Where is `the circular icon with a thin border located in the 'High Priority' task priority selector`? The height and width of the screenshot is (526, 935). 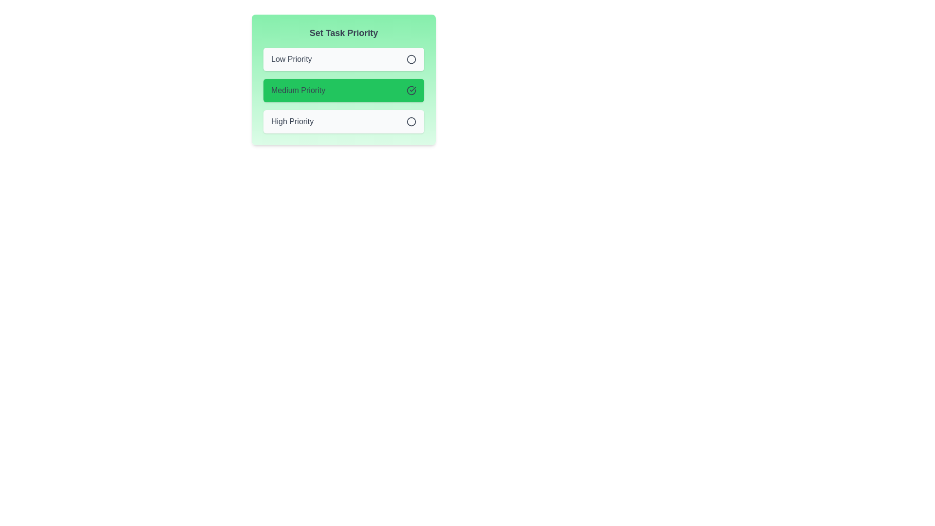 the circular icon with a thin border located in the 'High Priority' task priority selector is located at coordinates (411, 121).